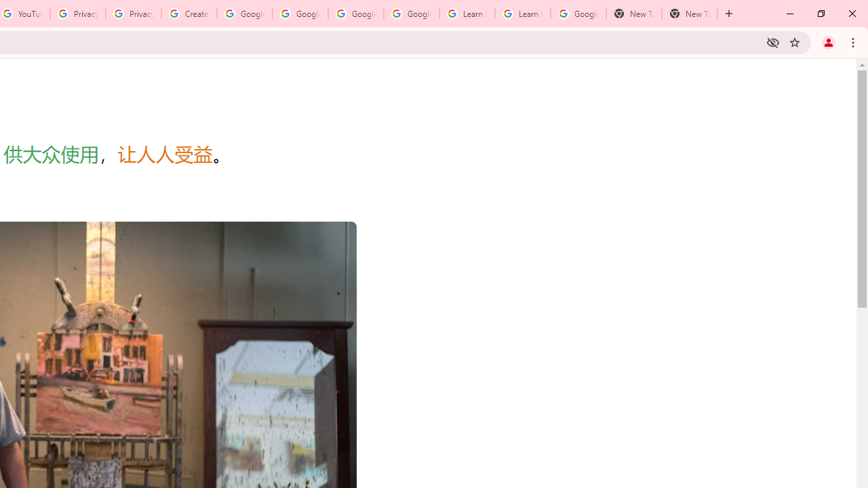 This screenshot has height=488, width=868. I want to click on 'Close', so click(851, 14).